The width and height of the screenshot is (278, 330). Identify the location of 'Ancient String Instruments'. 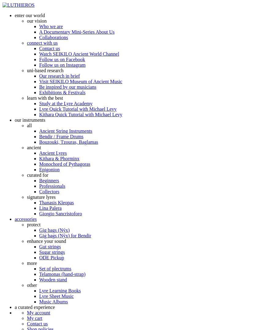
(66, 131).